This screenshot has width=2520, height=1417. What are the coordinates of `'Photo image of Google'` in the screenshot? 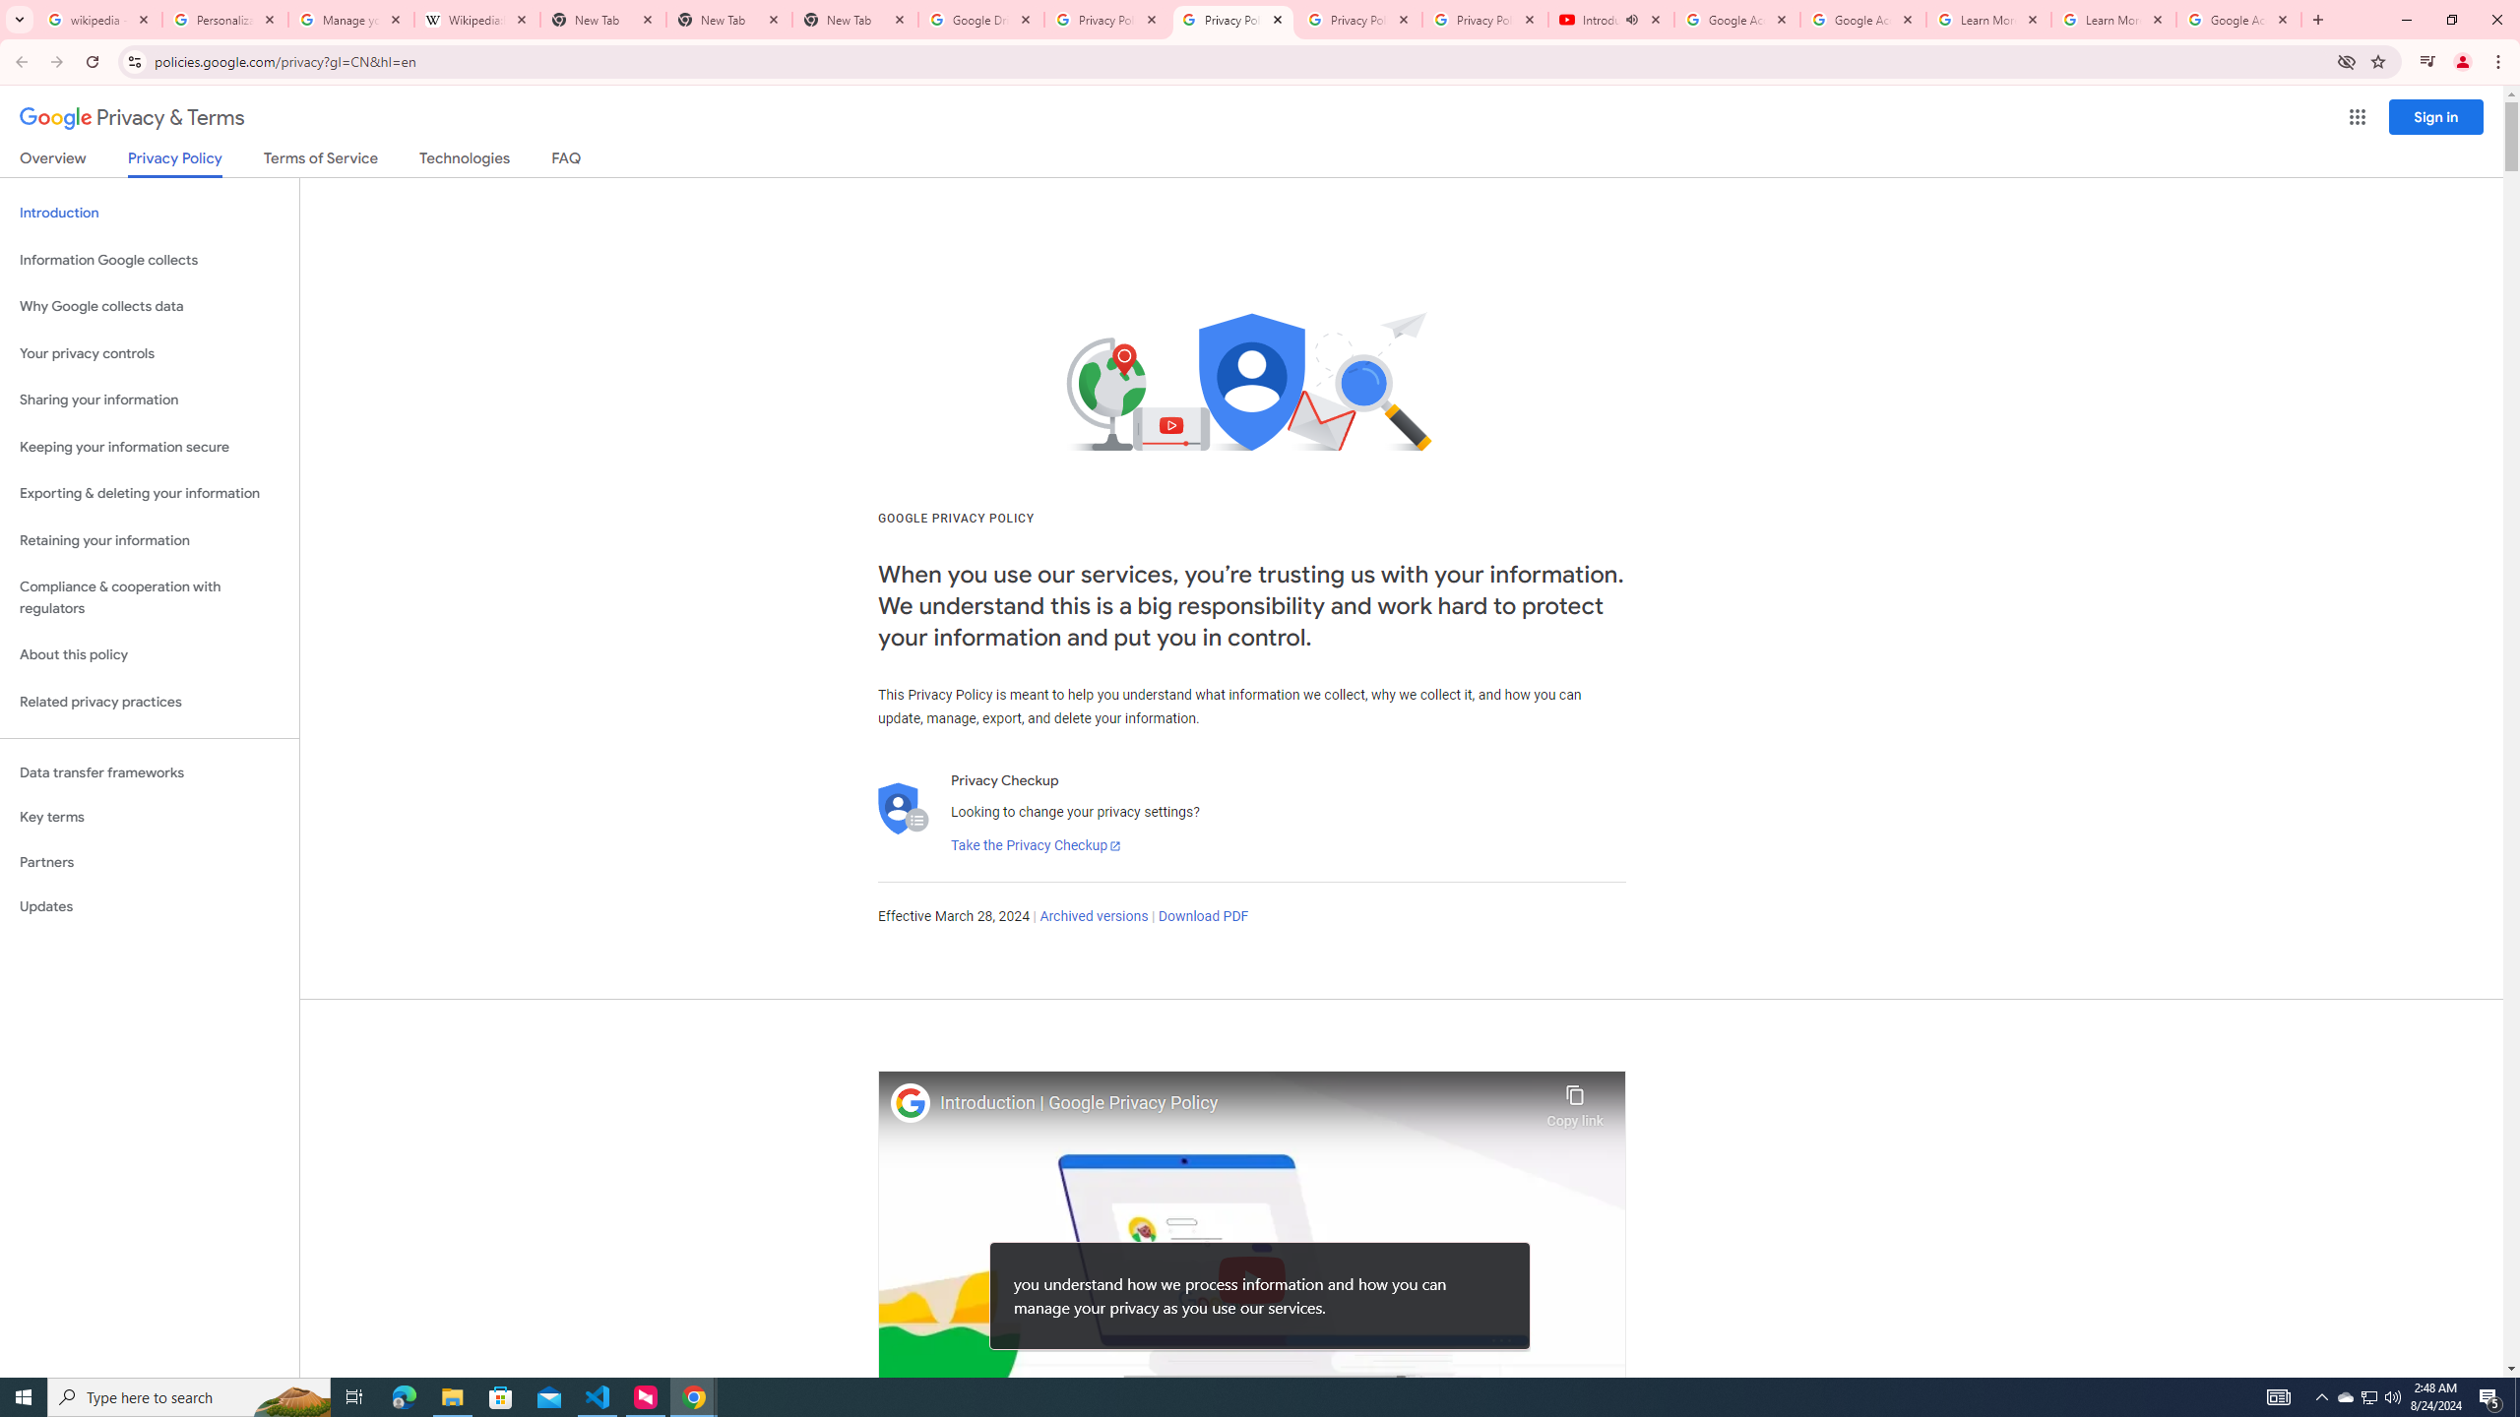 It's located at (911, 1101).